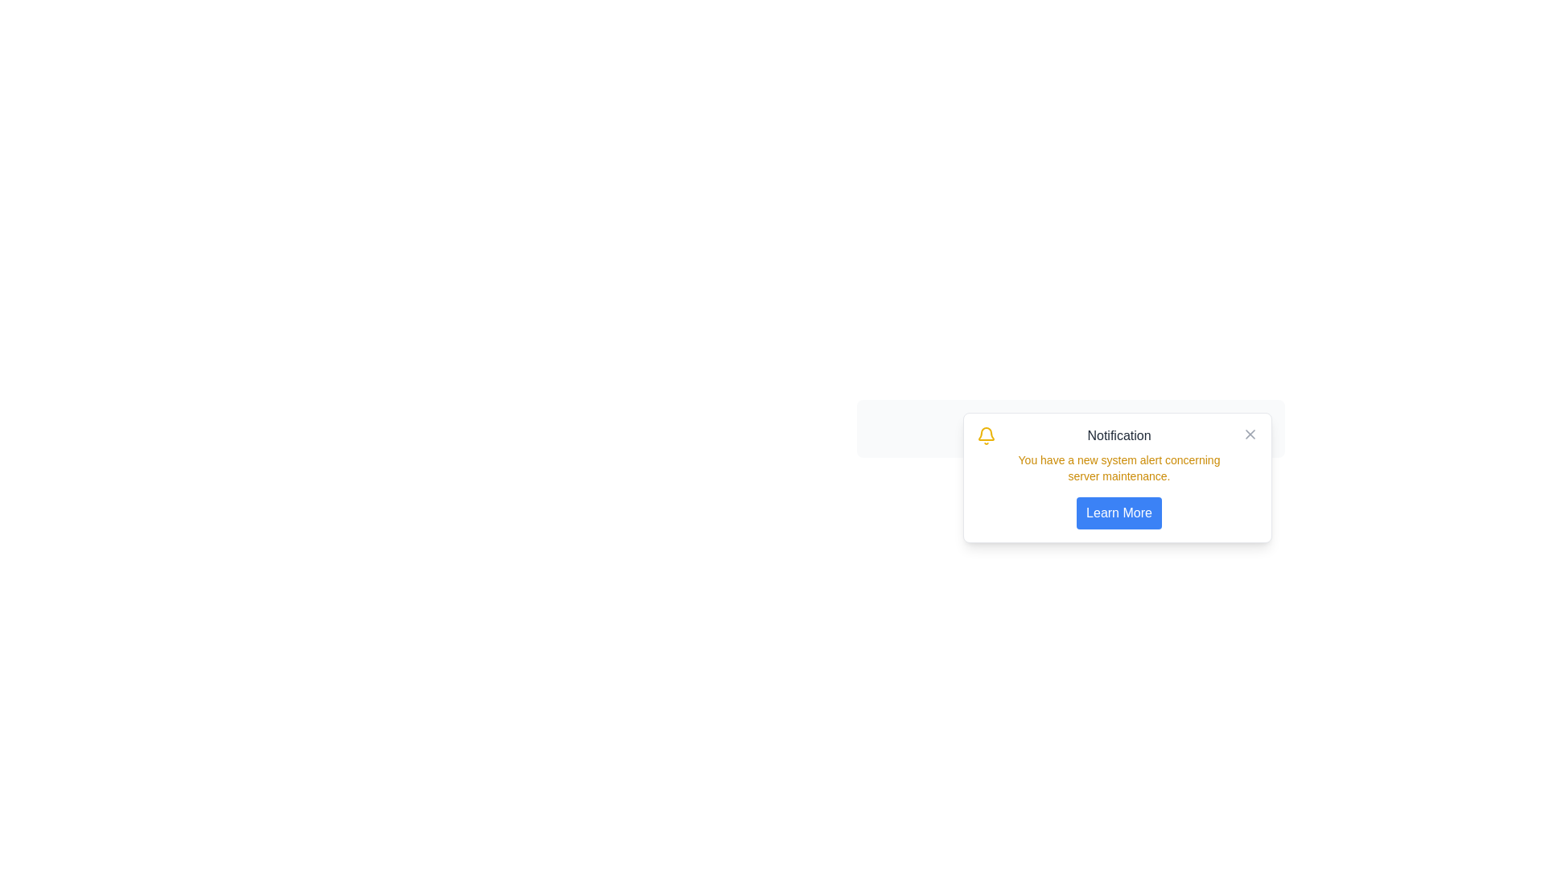 The height and width of the screenshot is (869, 1545). What do you see at coordinates (1119, 436) in the screenshot?
I see `text from the 'Notification' Text Label element, which is styled in gray color on a white background and located at the top-left corner of the notification card` at bounding box center [1119, 436].